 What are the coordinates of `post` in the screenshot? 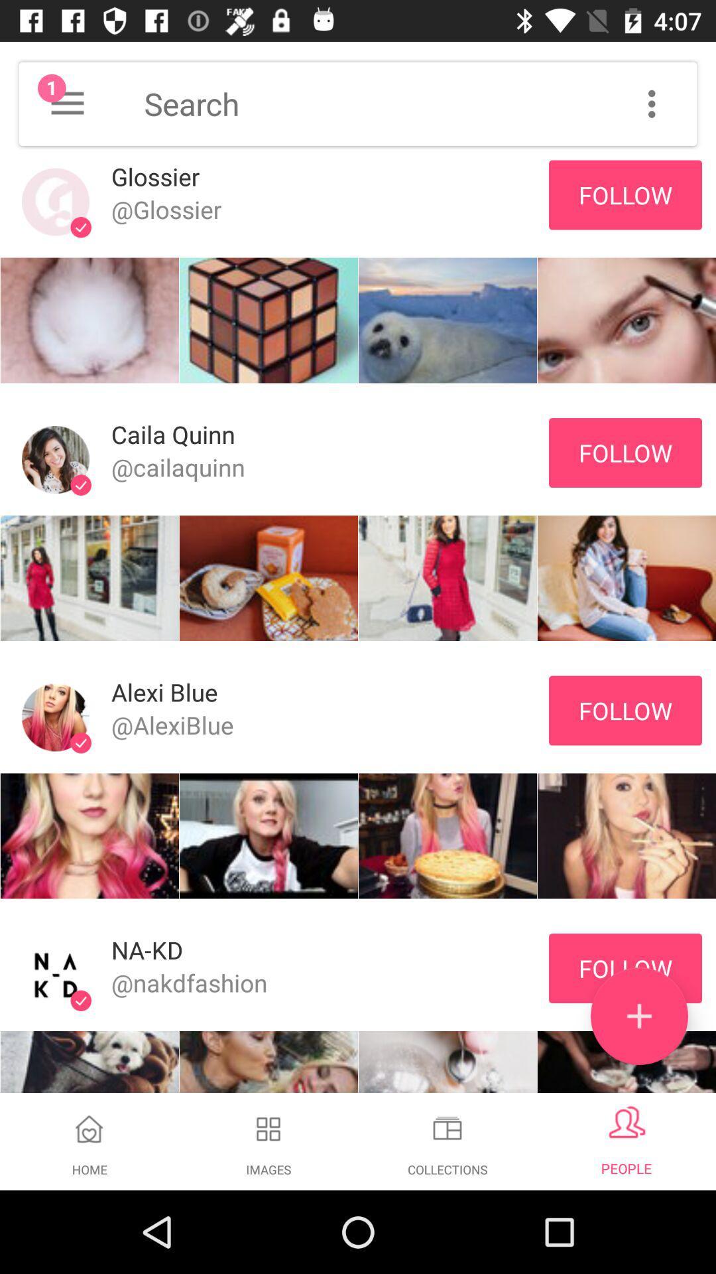 It's located at (638, 1015).